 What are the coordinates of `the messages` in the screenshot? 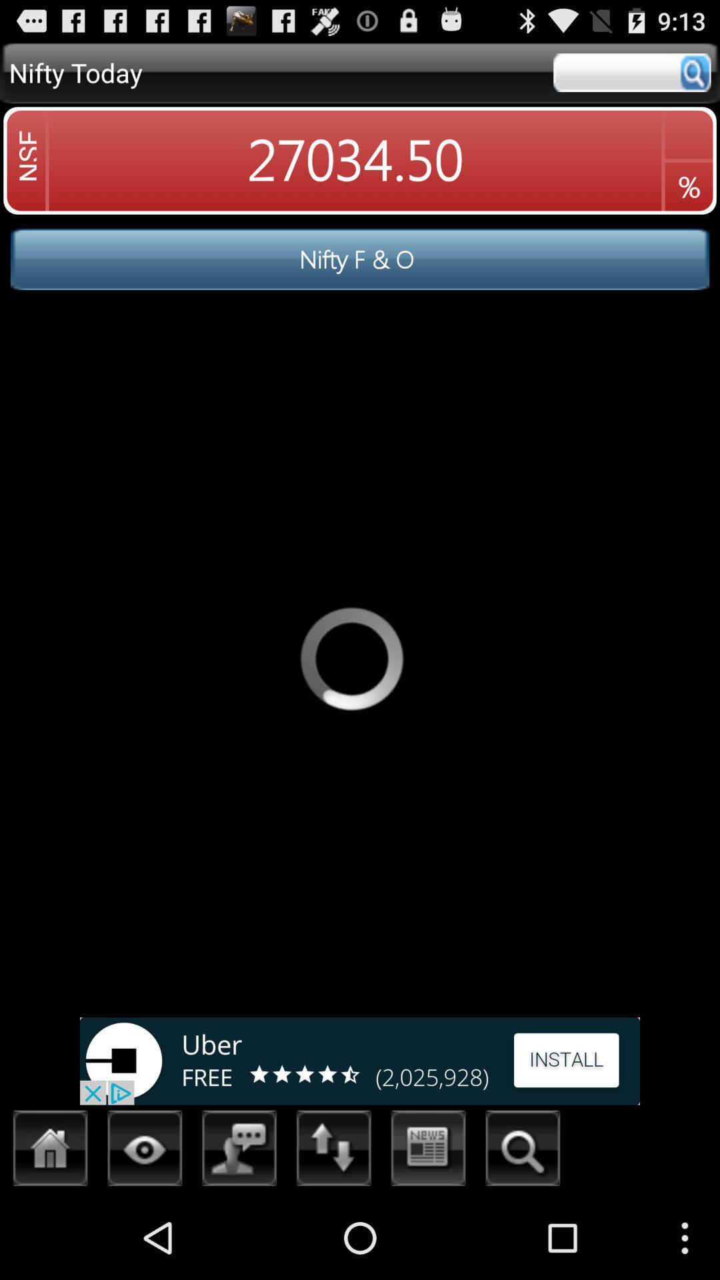 It's located at (239, 1151).